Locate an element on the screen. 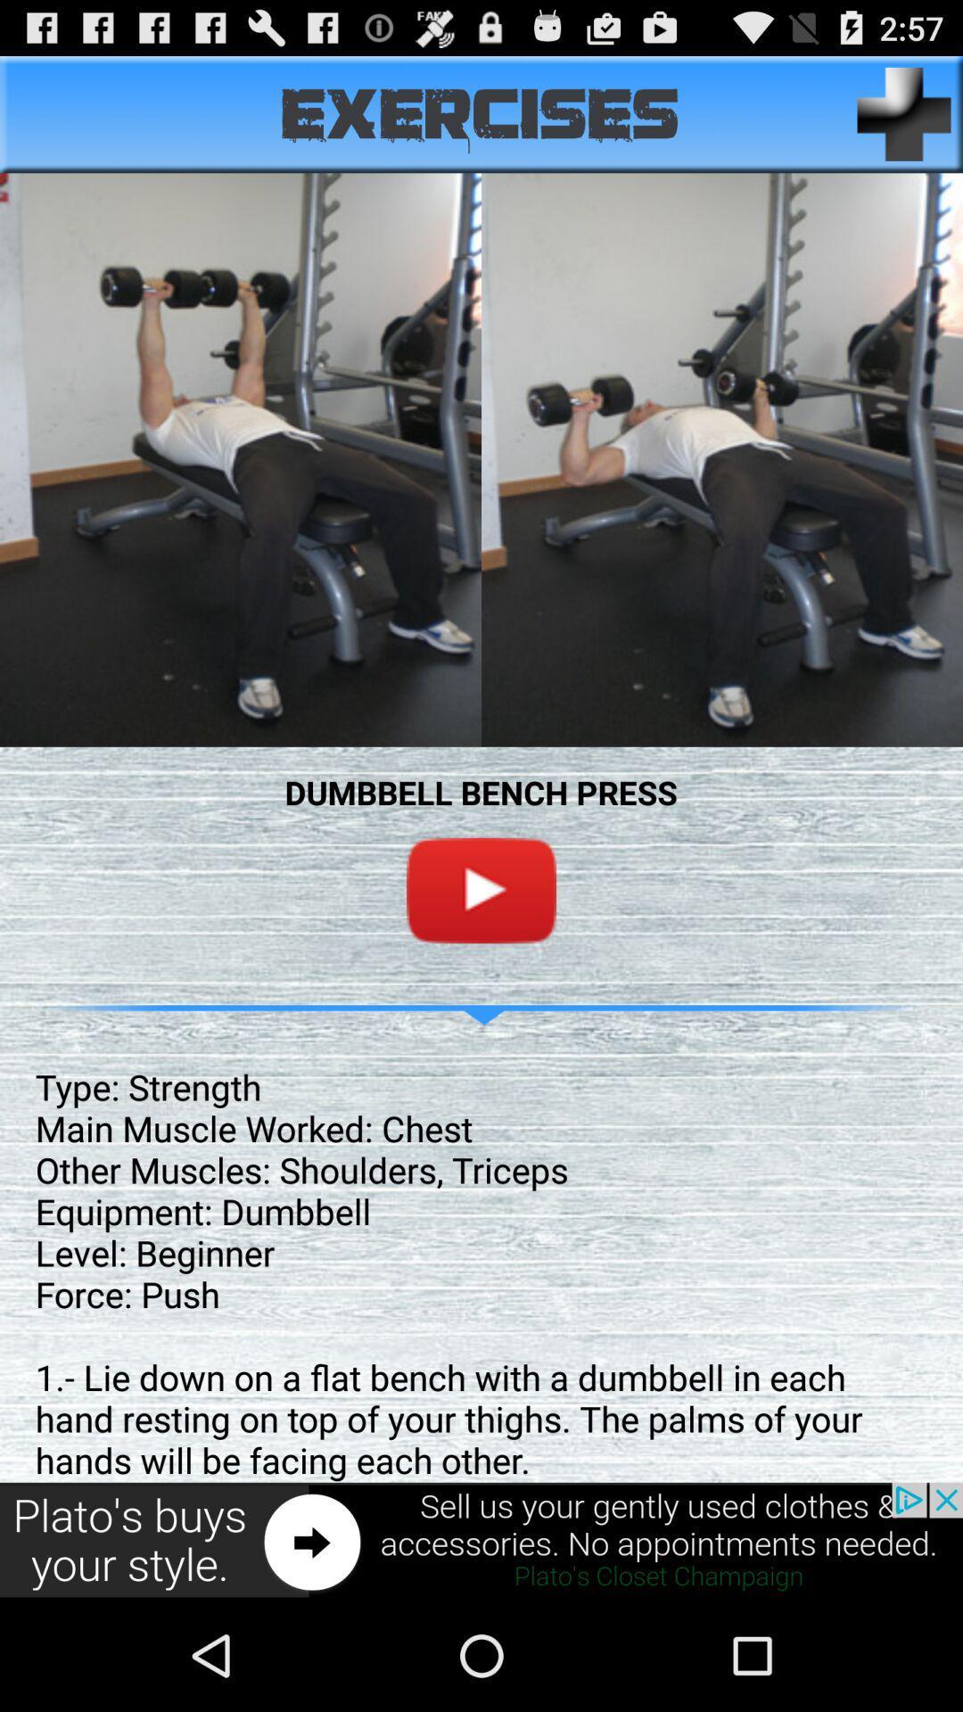  the add icon is located at coordinates (904, 121).